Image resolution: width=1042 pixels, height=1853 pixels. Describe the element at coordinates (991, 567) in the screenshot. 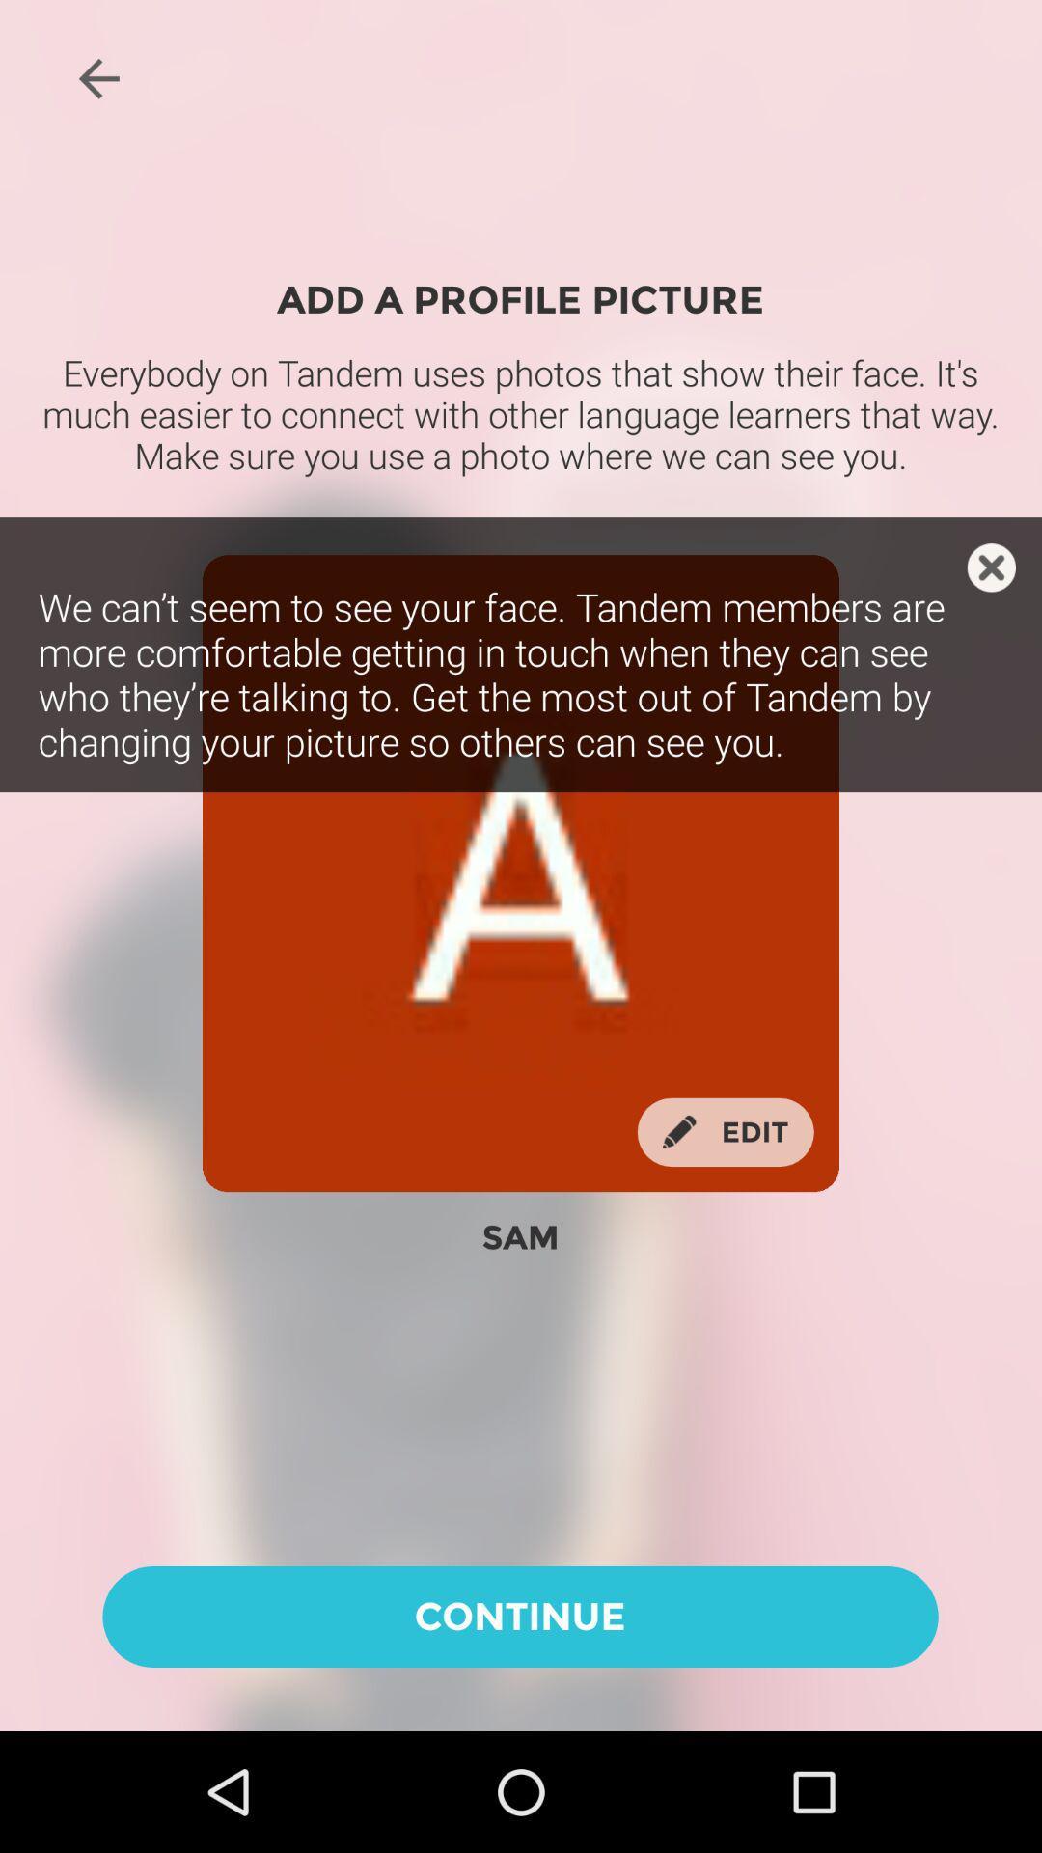

I see `caption` at that location.